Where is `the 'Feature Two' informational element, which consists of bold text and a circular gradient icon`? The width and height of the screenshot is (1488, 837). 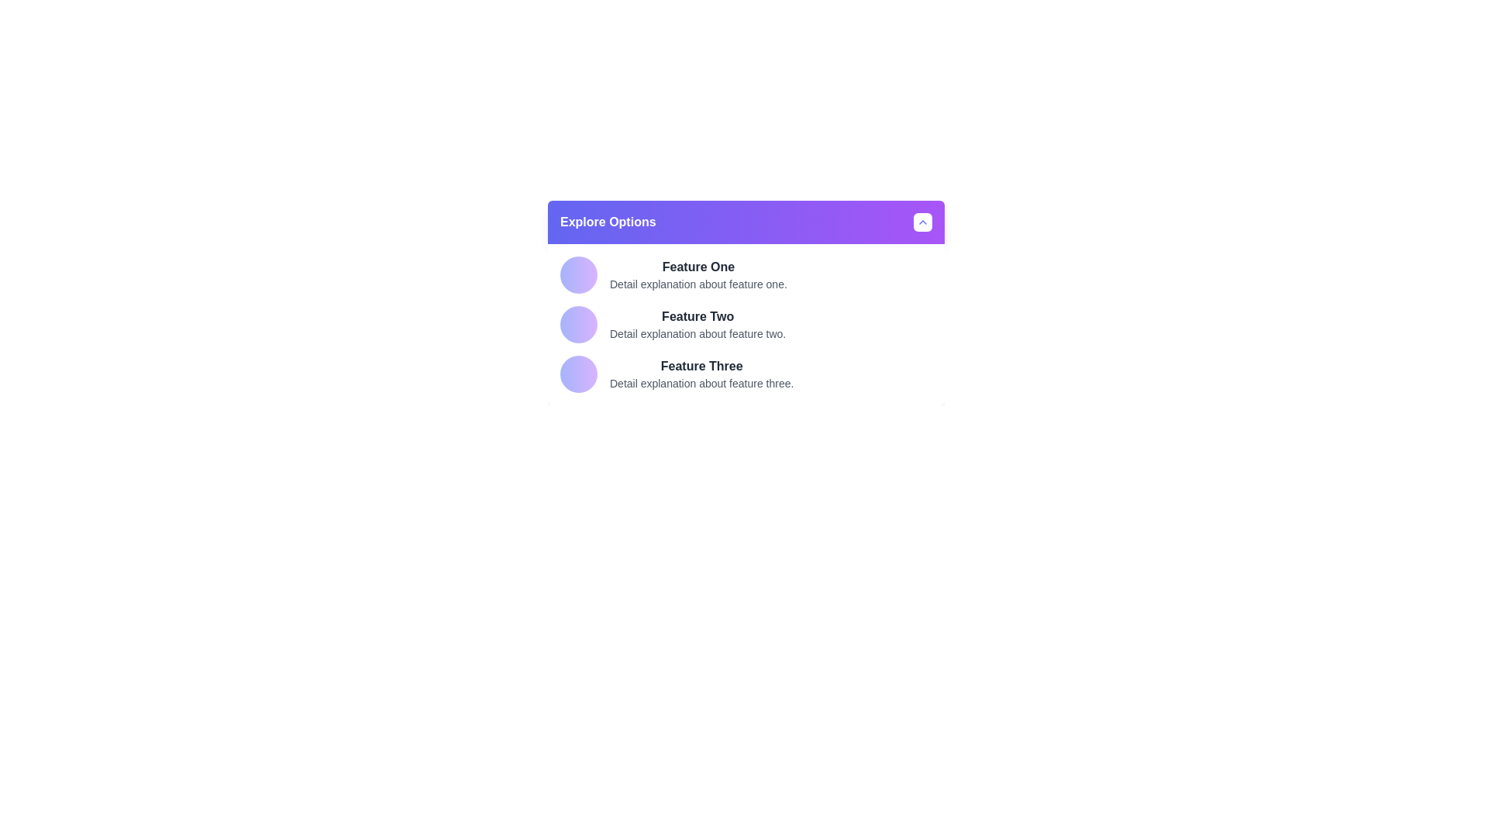
the 'Feature Two' informational element, which consists of bold text and a circular gradient icon is located at coordinates (746, 324).